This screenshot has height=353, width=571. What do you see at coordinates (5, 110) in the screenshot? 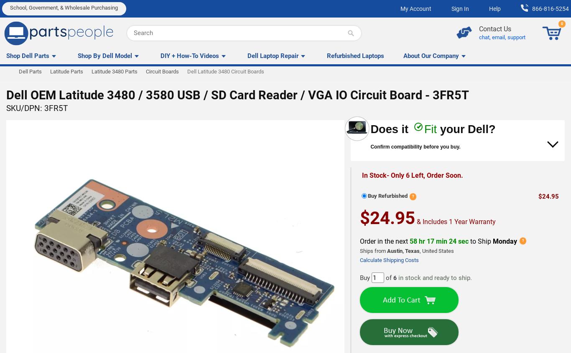
I see `'System & Motherboards'` at bounding box center [5, 110].